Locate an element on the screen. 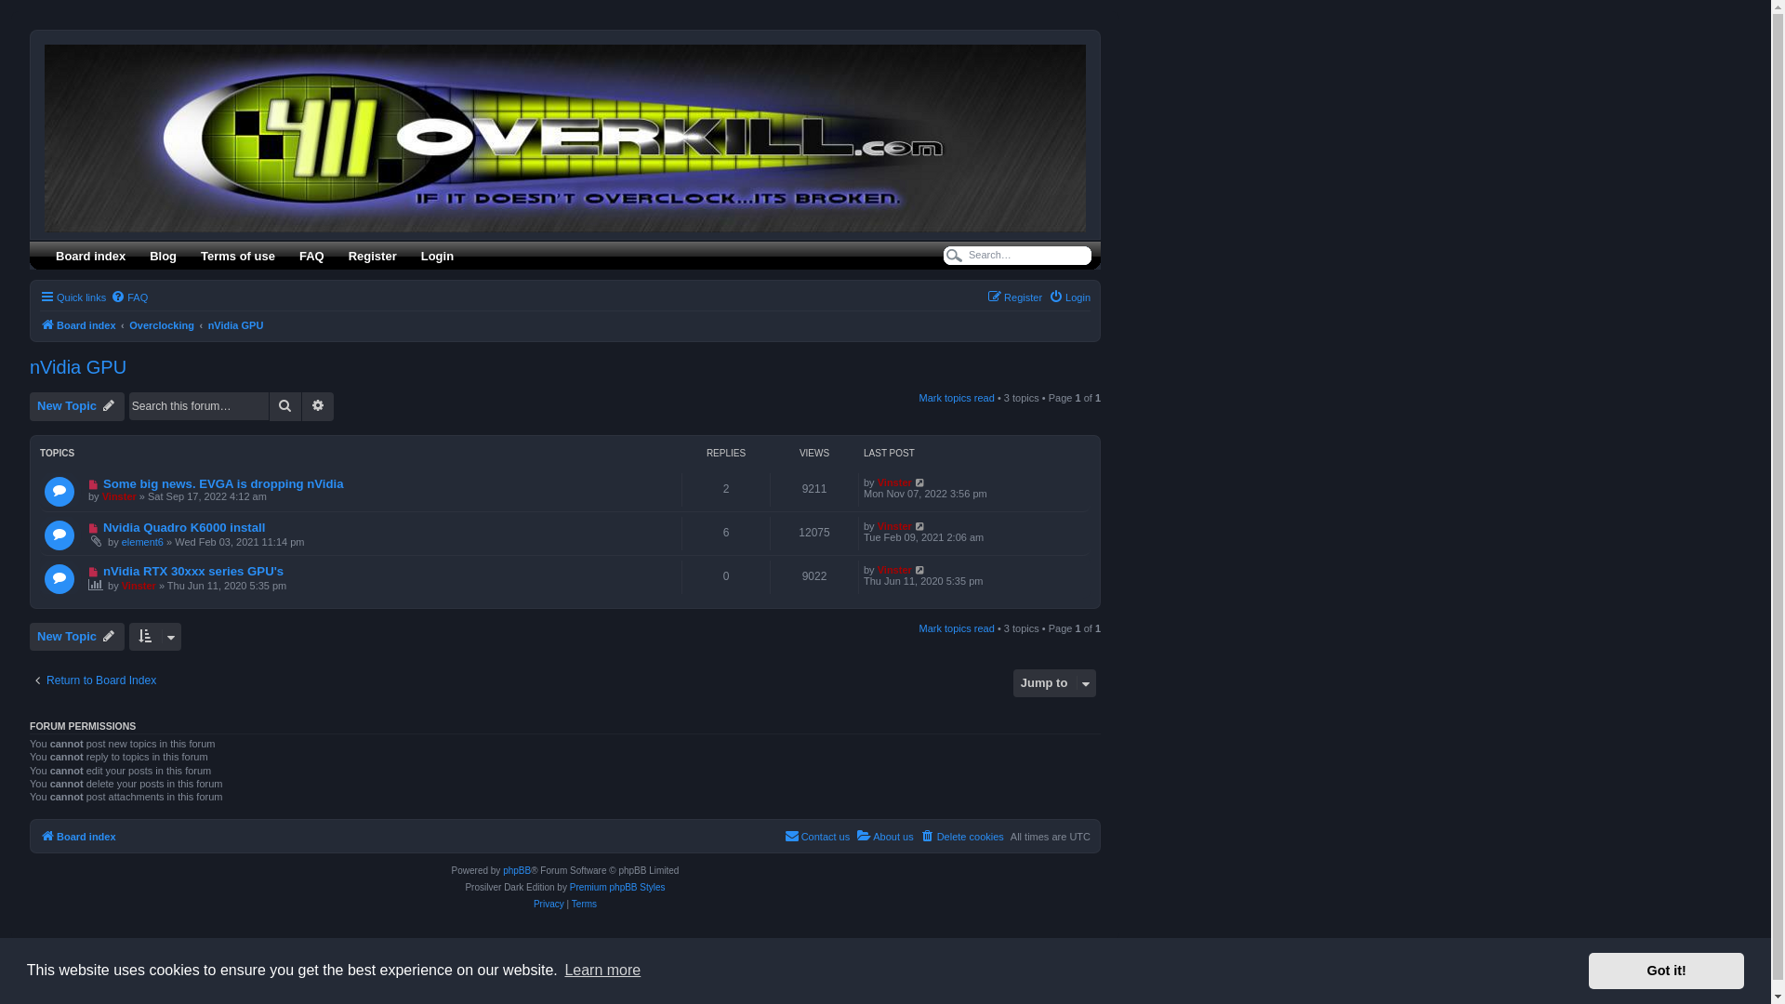 This screenshot has width=1785, height=1004. 'Terms of use' is located at coordinates (236, 255).